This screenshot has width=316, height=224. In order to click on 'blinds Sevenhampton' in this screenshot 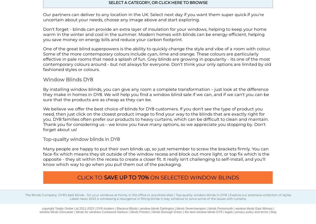, I will do `click(191, 208)`.